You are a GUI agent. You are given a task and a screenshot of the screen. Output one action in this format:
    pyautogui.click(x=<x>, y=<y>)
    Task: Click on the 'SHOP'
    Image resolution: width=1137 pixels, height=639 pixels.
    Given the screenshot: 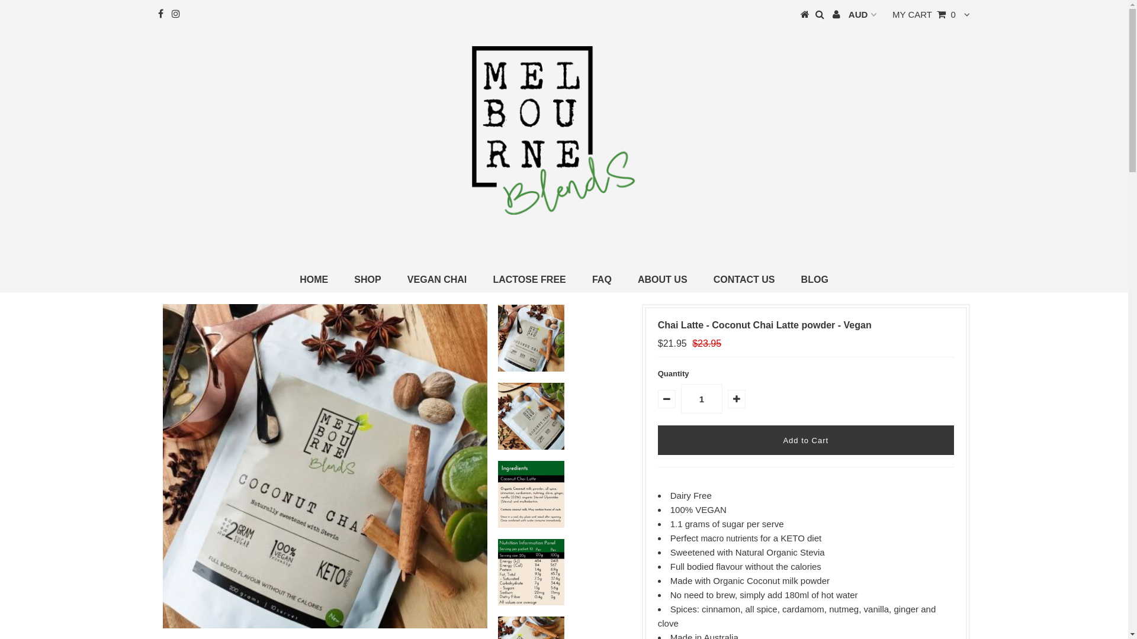 What is the action you would take?
    pyautogui.click(x=367, y=280)
    